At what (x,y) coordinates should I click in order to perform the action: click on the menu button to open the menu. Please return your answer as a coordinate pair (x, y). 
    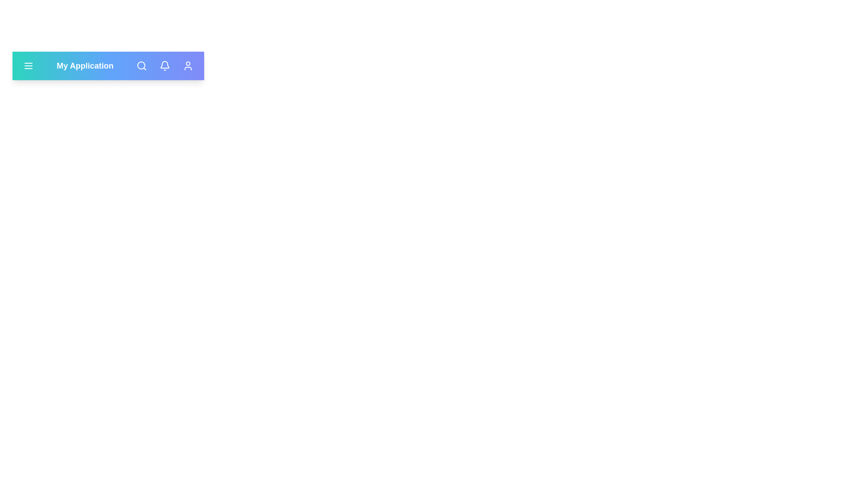
    Looking at the image, I should click on (28, 65).